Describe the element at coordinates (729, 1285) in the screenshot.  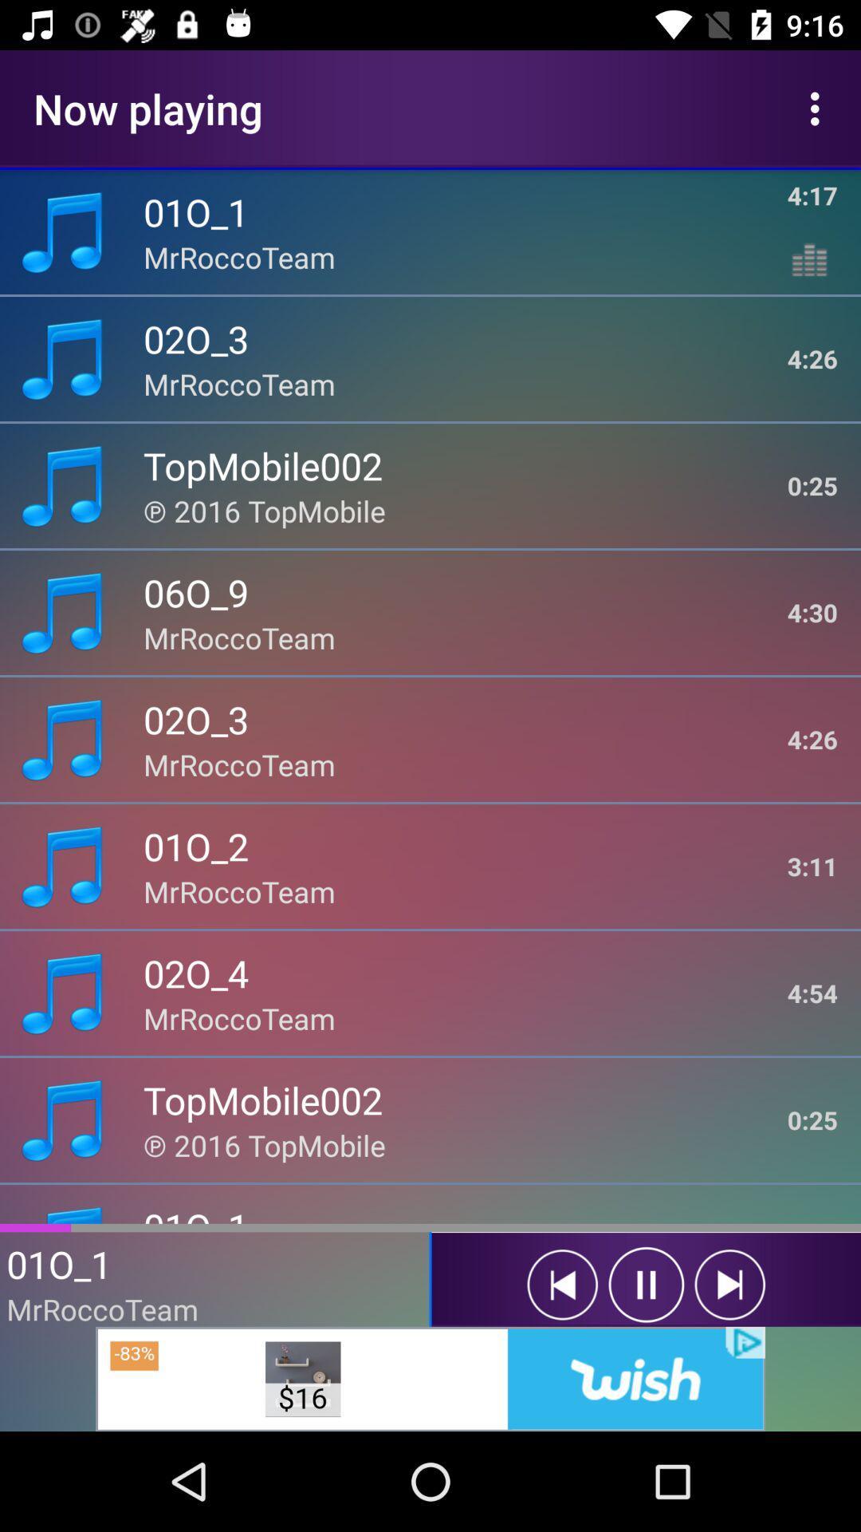
I see `next track` at that location.